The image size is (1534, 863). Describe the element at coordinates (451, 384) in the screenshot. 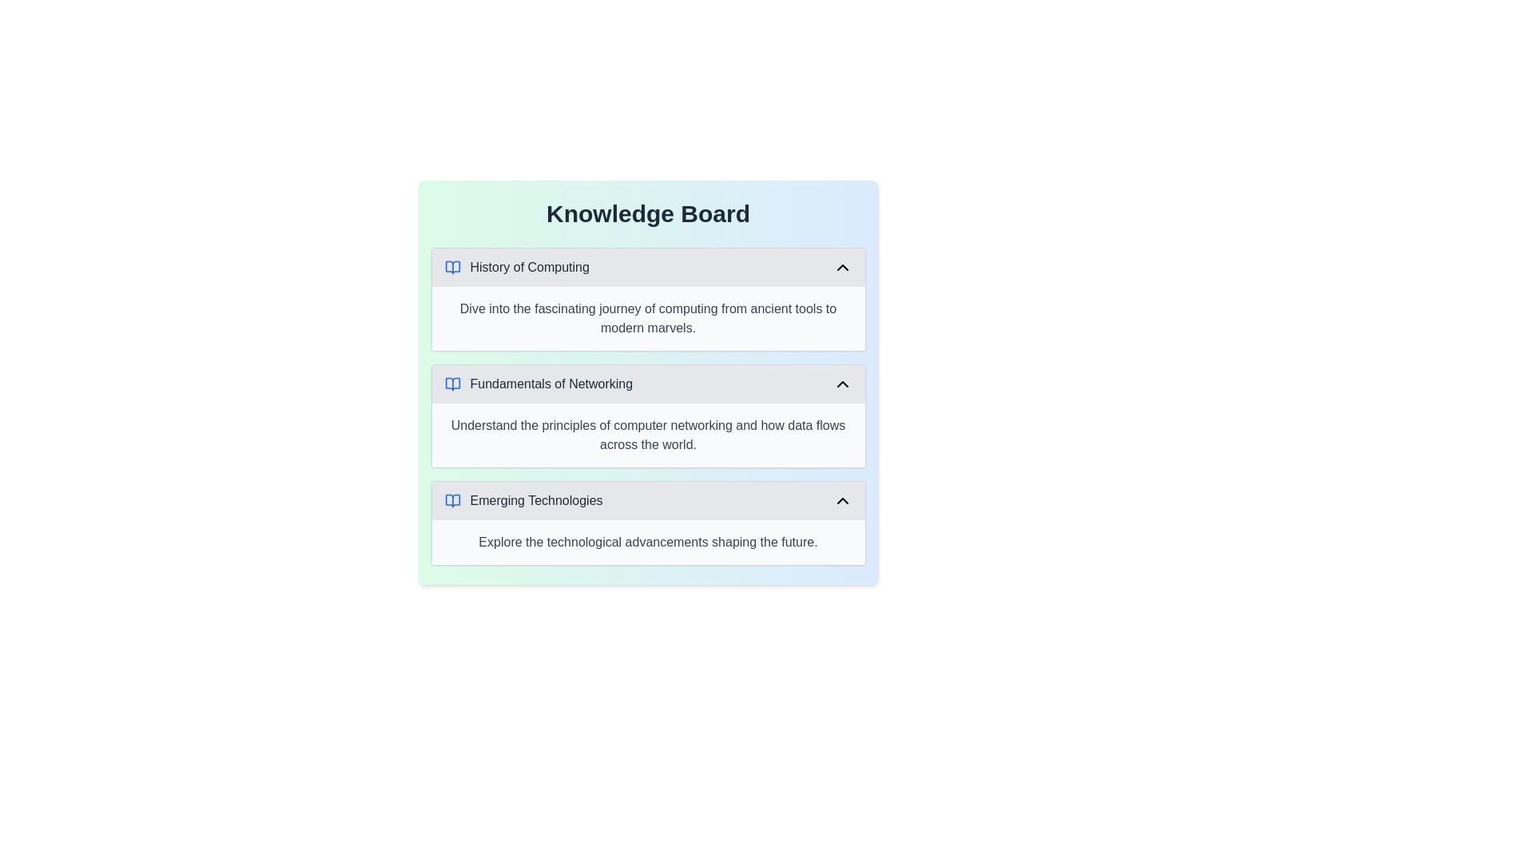

I see `the open book icon, which is the first icon on the left in the 'Fundamentals of Networking' row` at that location.